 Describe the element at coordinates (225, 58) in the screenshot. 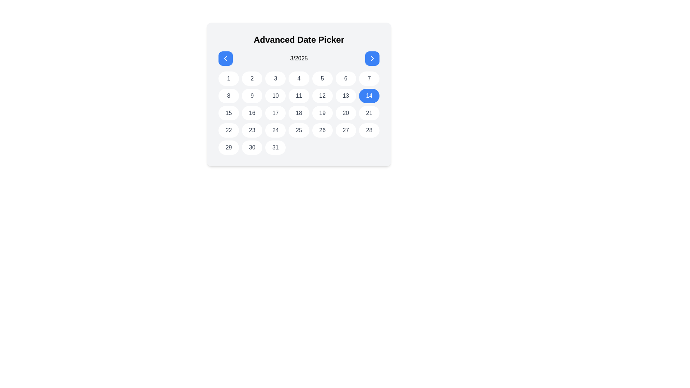

I see `the square blue button with rounded corners and a white left-facing chevron icon, located to the left of the '3/2025' text in the calendar header` at that location.